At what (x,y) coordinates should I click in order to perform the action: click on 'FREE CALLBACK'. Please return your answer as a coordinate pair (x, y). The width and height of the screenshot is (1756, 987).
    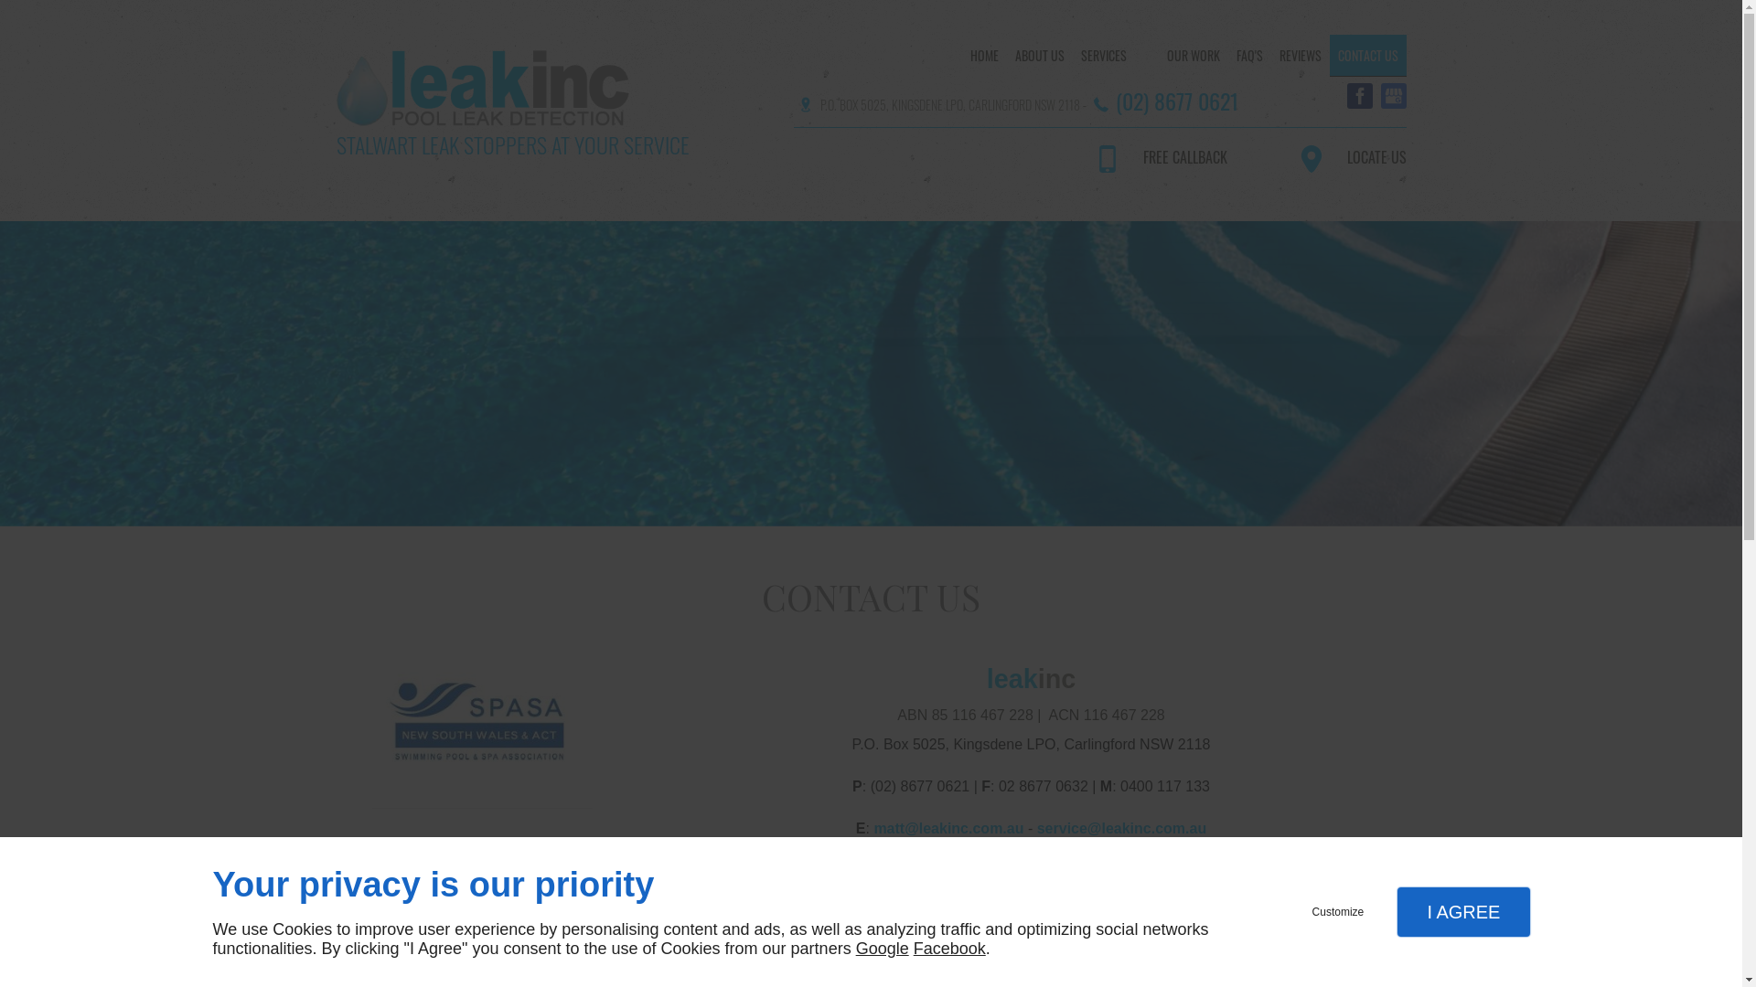
    Looking at the image, I should click on (1150, 156).